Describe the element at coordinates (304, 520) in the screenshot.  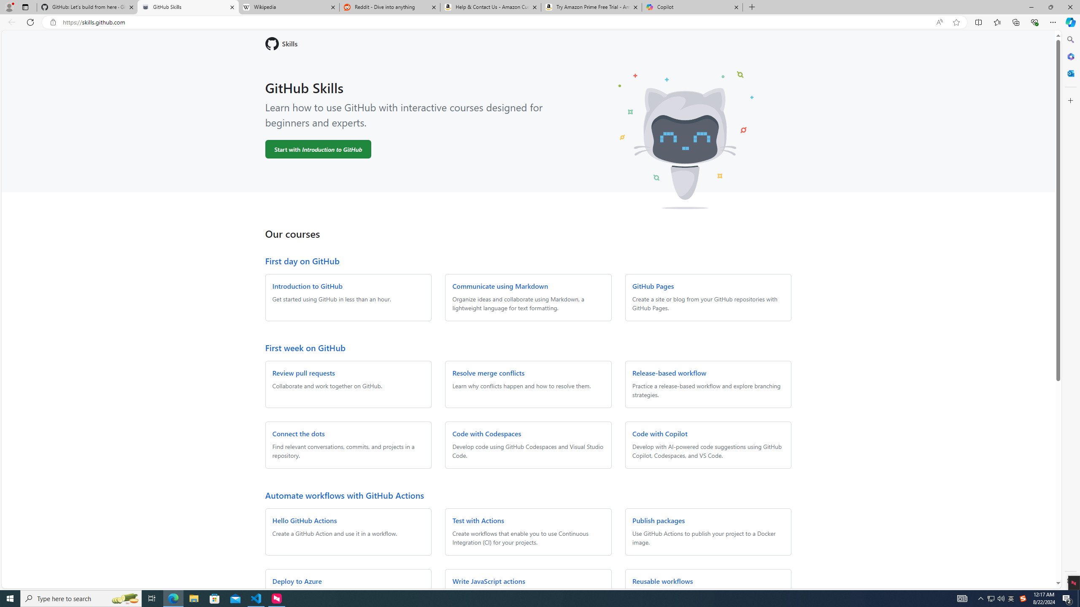
I see `'Hello GitHub Actions'` at that location.